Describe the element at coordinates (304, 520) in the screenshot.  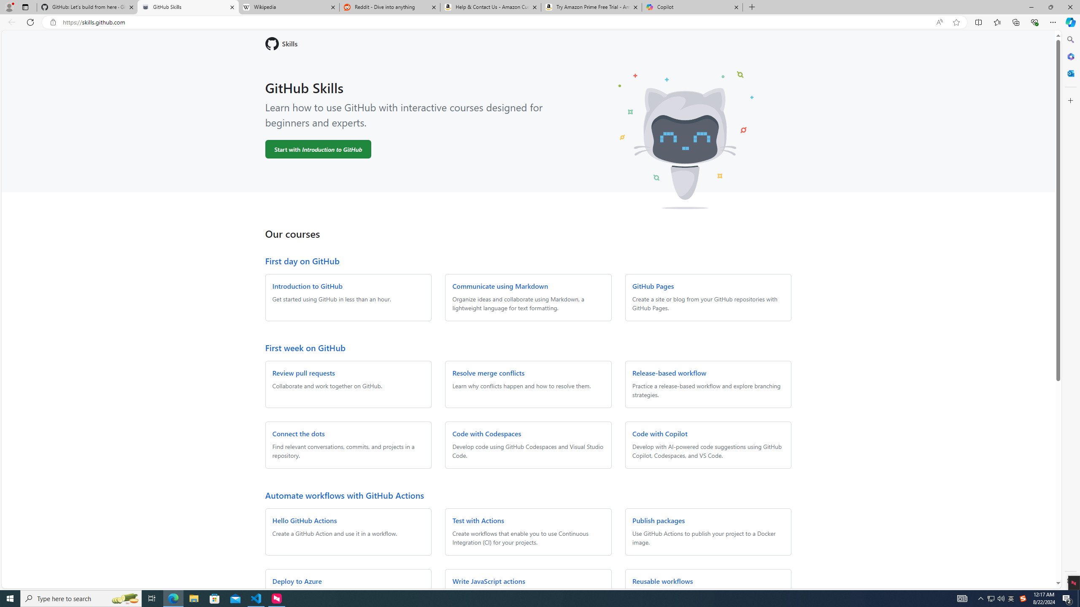
I see `'Hello GitHub Actions'` at that location.